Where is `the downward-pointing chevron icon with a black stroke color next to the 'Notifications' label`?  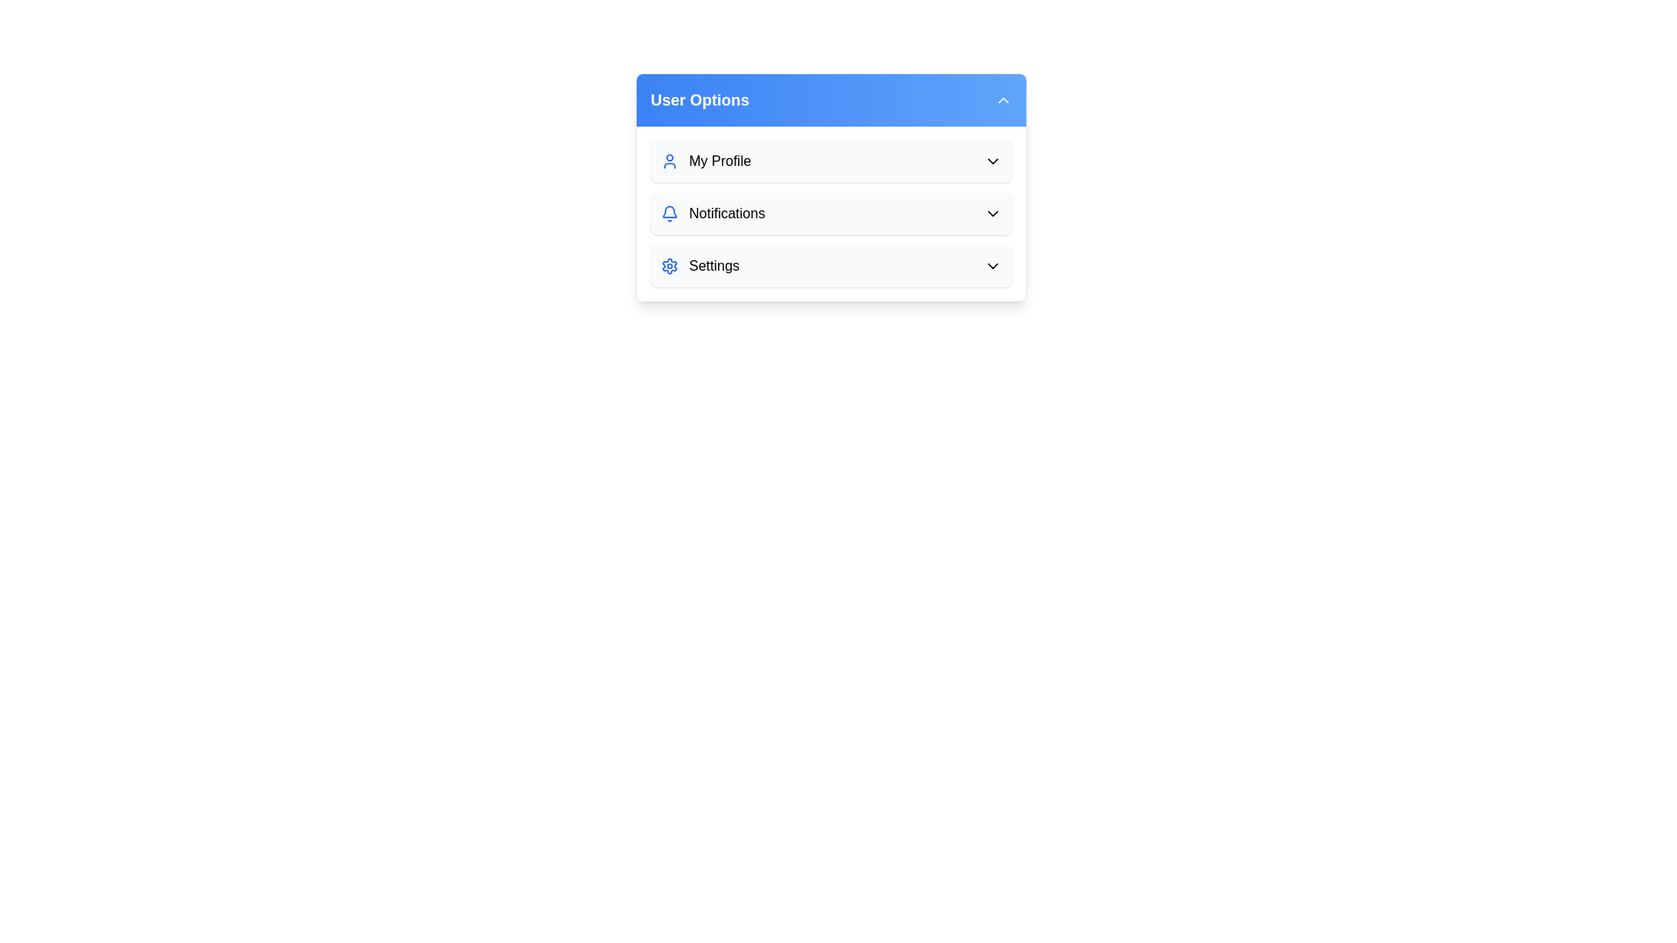
the downward-pointing chevron icon with a black stroke color next to the 'Notifications' label is located at coordinates (993, 213).